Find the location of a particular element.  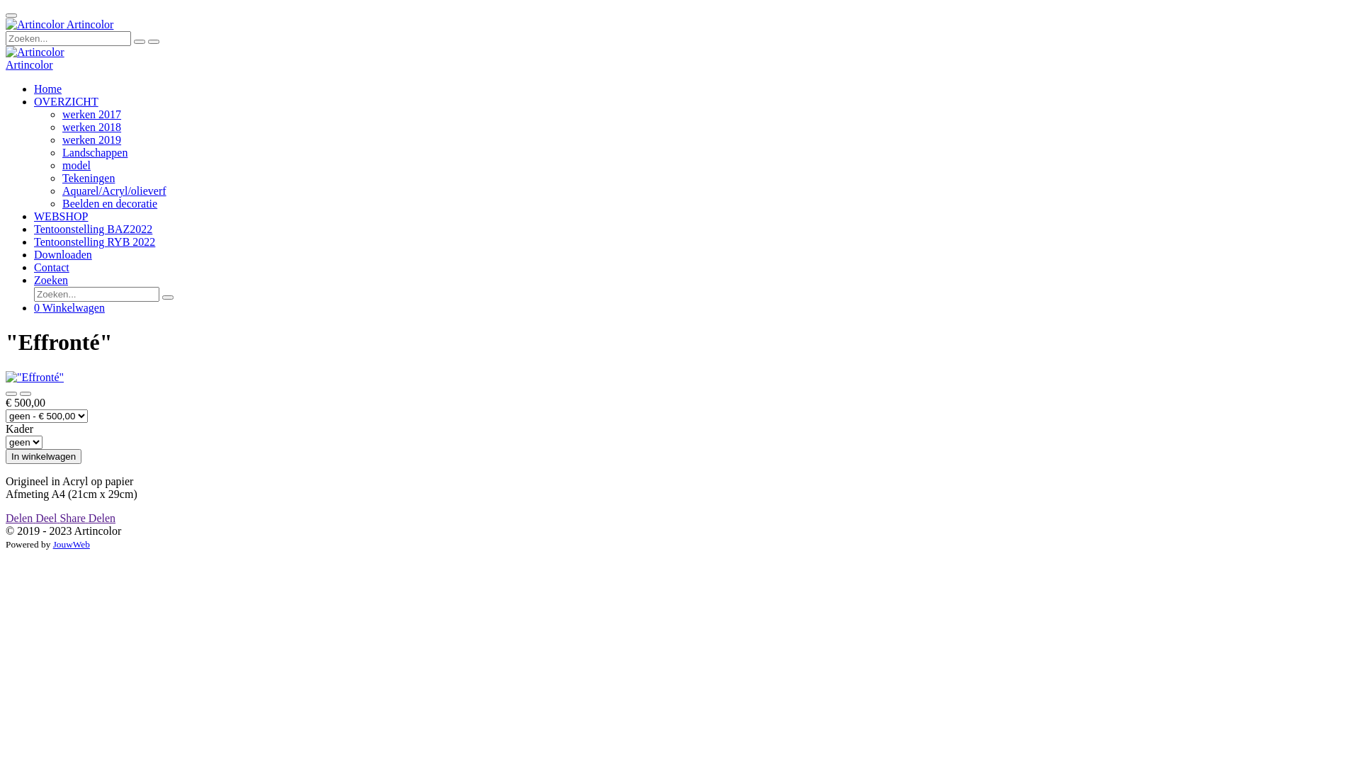

'Delen' is located at coordinates (101, 518).